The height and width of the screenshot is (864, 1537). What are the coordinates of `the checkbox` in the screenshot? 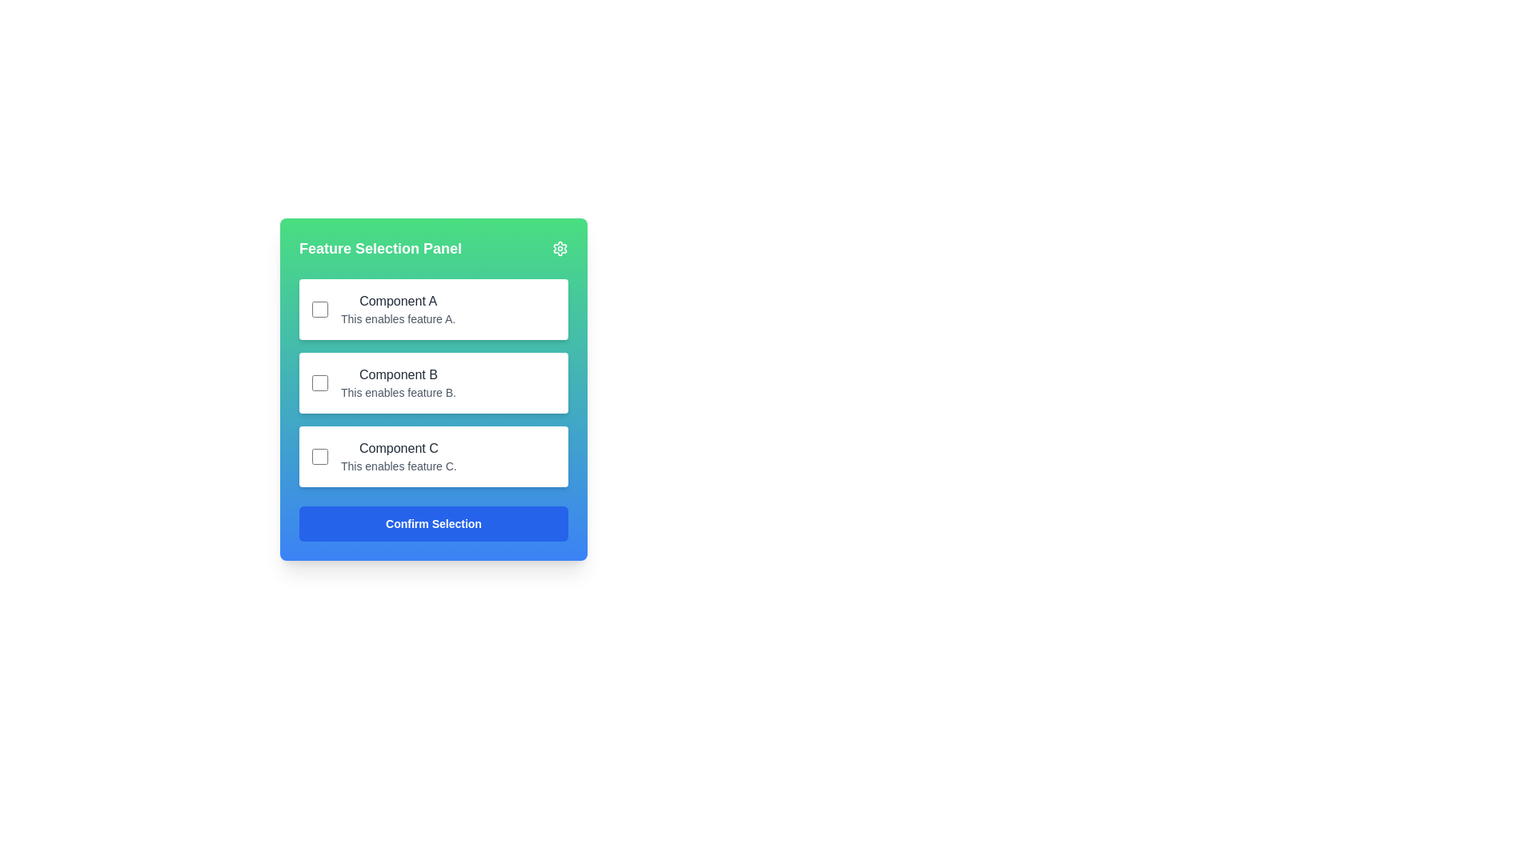 It's located at (319, 382).